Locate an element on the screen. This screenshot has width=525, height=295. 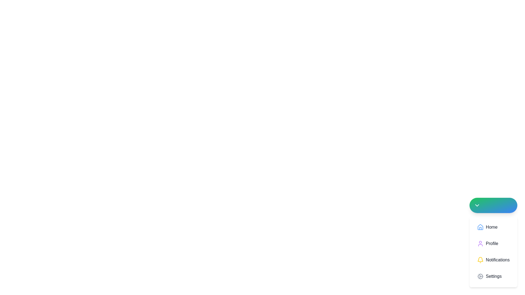
the 'Home' navigation button, which is a rectangular button with a house icon and the text 'Home' is located at coordinates (493, 227).